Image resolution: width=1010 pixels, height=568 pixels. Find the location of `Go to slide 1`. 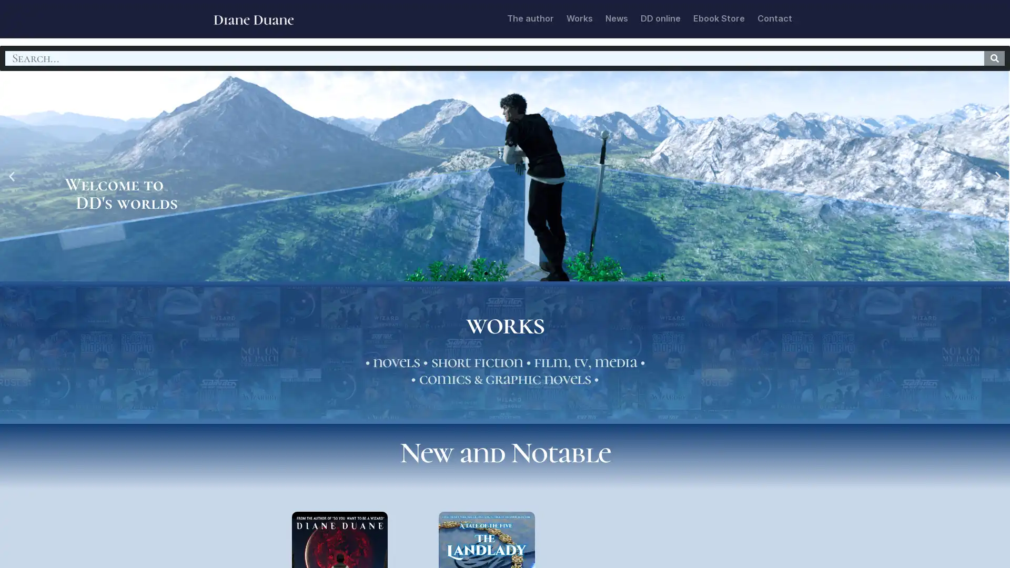

Go to slide 1 is located at coordinates (485, 278).